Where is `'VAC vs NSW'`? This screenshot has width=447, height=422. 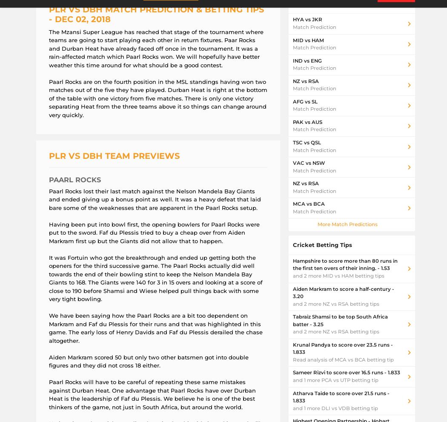 'VAC vs NSW' is located at coordinates (308, 163).